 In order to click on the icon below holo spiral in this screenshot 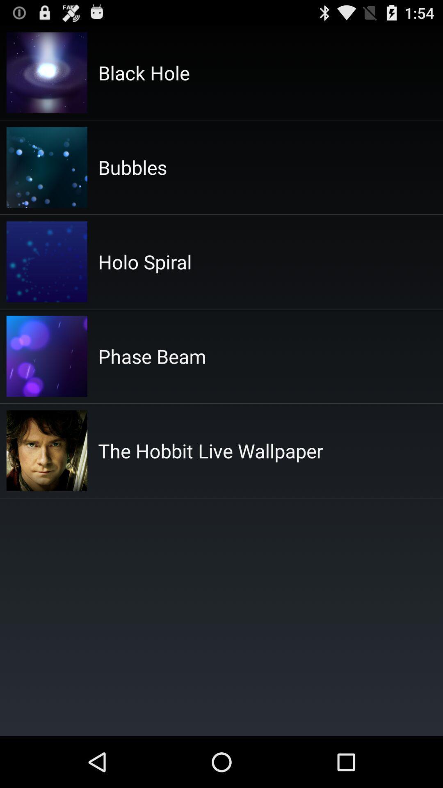, I will do `click(152, 356)`.